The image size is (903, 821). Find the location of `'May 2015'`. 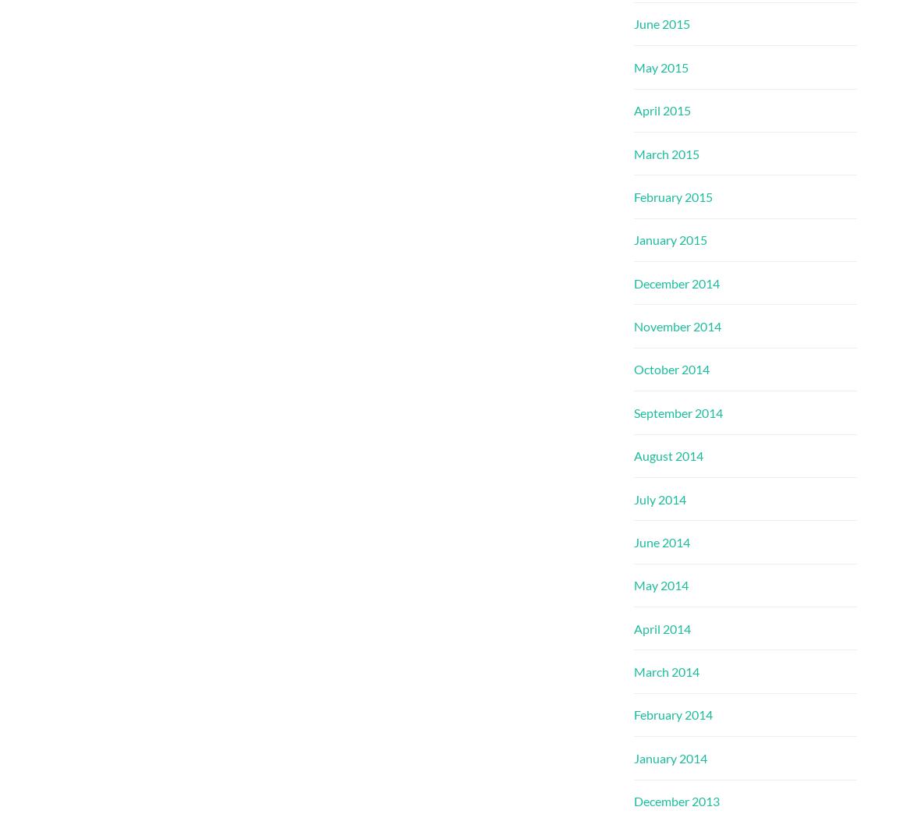

'May 2015' is located at coordinates (660, 65).